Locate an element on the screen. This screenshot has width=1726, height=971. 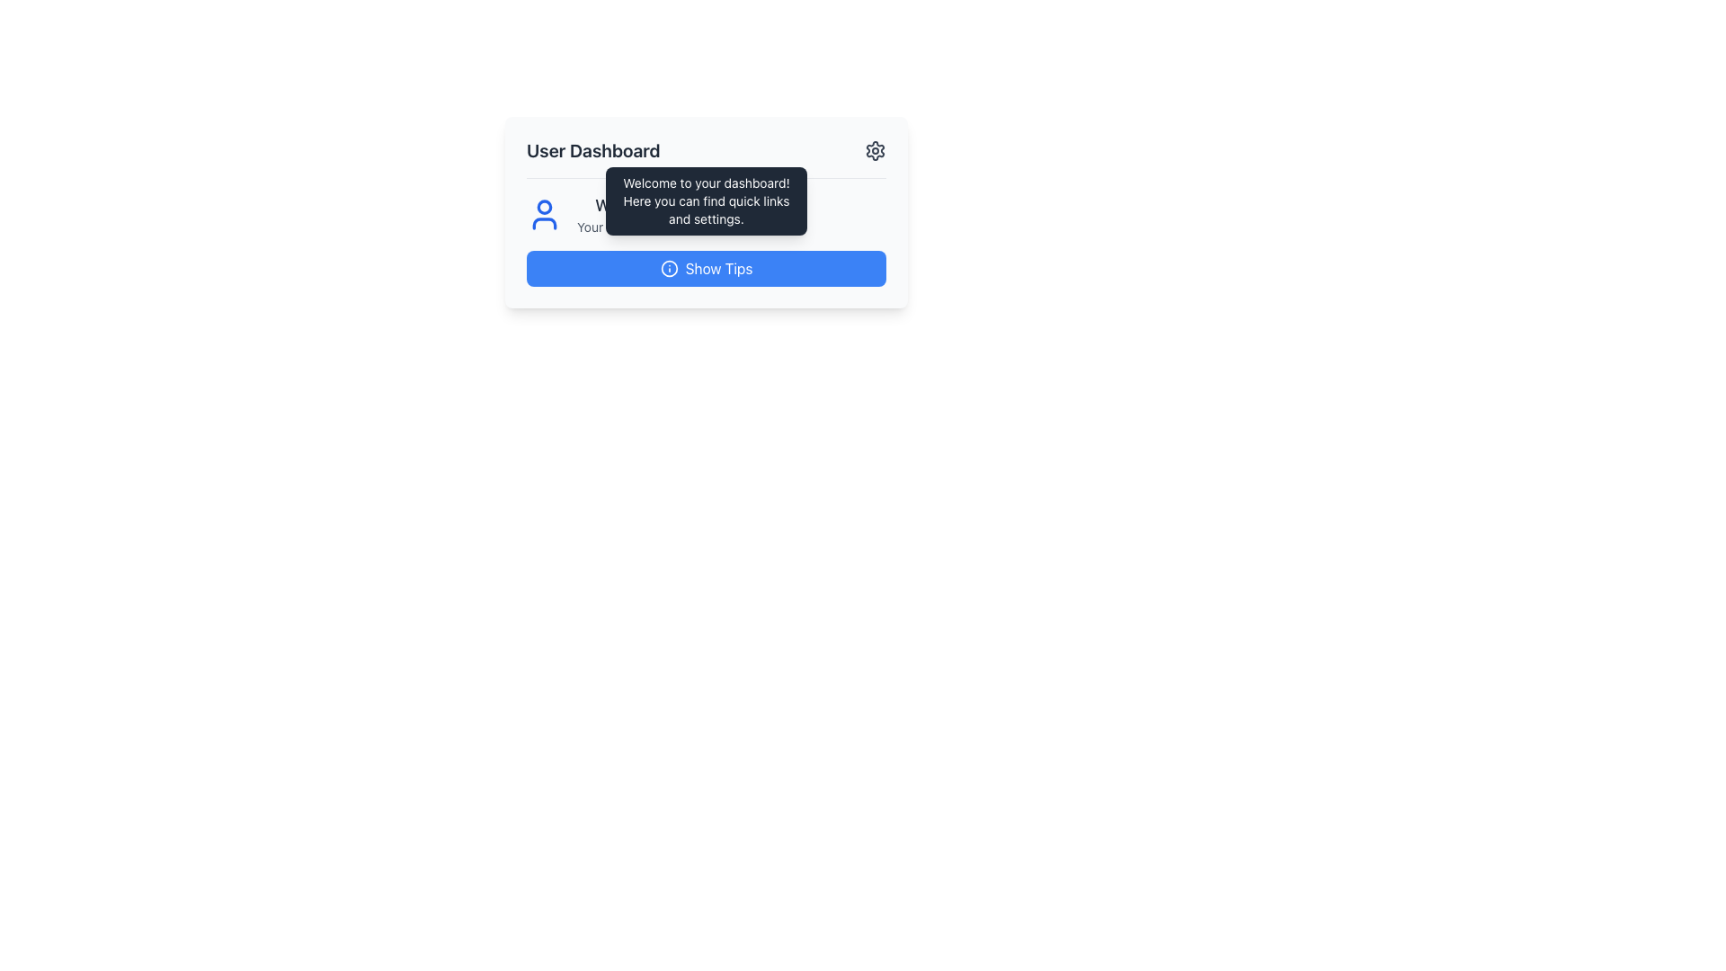
the decorative graphic of the settings gear icon located in the top-right corner of the 'User Dashboard' card is located at coordinates (876, 150).